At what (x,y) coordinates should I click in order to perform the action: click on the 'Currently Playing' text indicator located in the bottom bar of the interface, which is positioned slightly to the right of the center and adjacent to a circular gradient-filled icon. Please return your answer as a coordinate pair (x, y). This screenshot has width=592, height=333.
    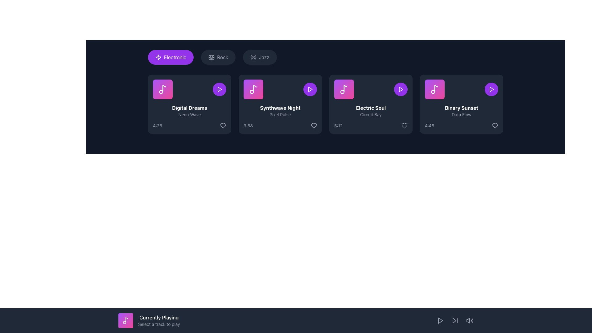
    Looking at the image, I should click on (159, 320).